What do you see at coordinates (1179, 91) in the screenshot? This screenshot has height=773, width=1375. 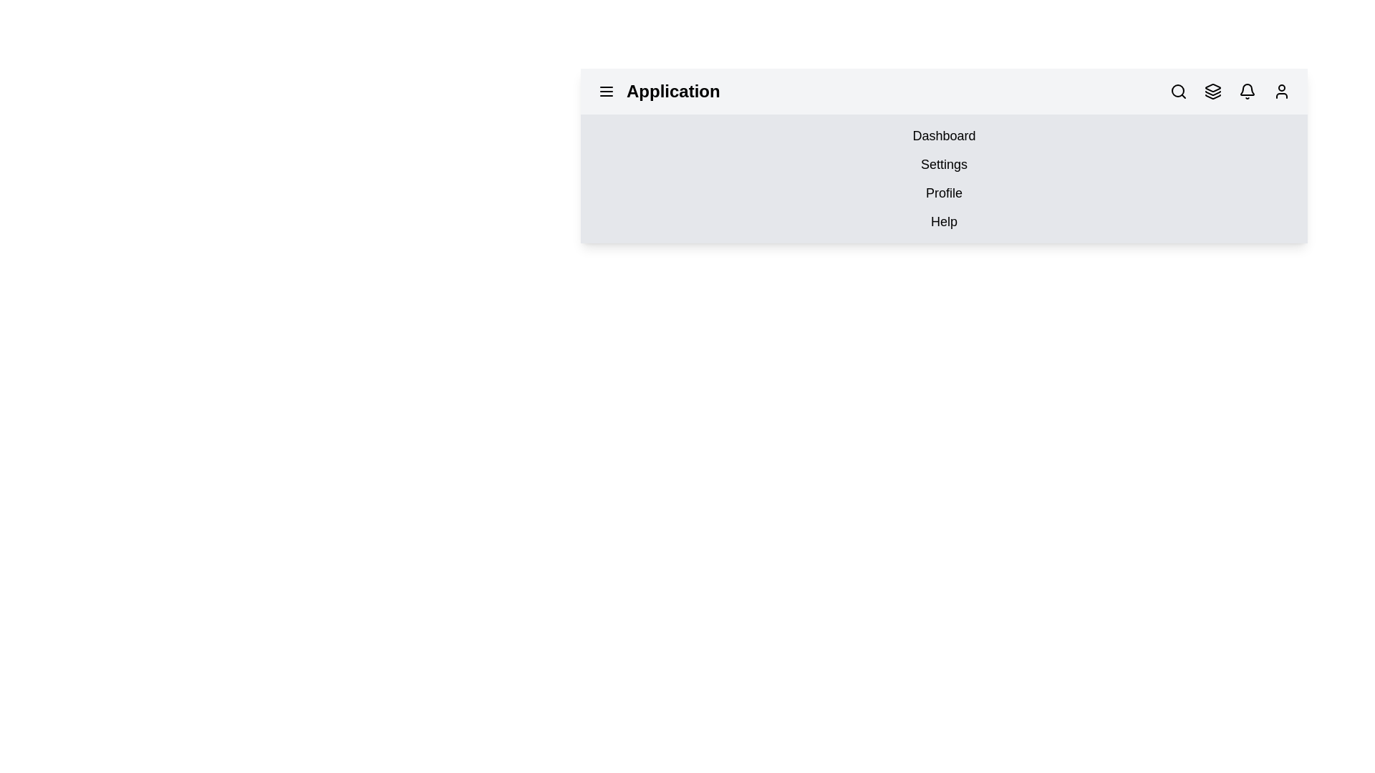 I see `the search icon to explore its functionality` at bounding box center [1179, 91].